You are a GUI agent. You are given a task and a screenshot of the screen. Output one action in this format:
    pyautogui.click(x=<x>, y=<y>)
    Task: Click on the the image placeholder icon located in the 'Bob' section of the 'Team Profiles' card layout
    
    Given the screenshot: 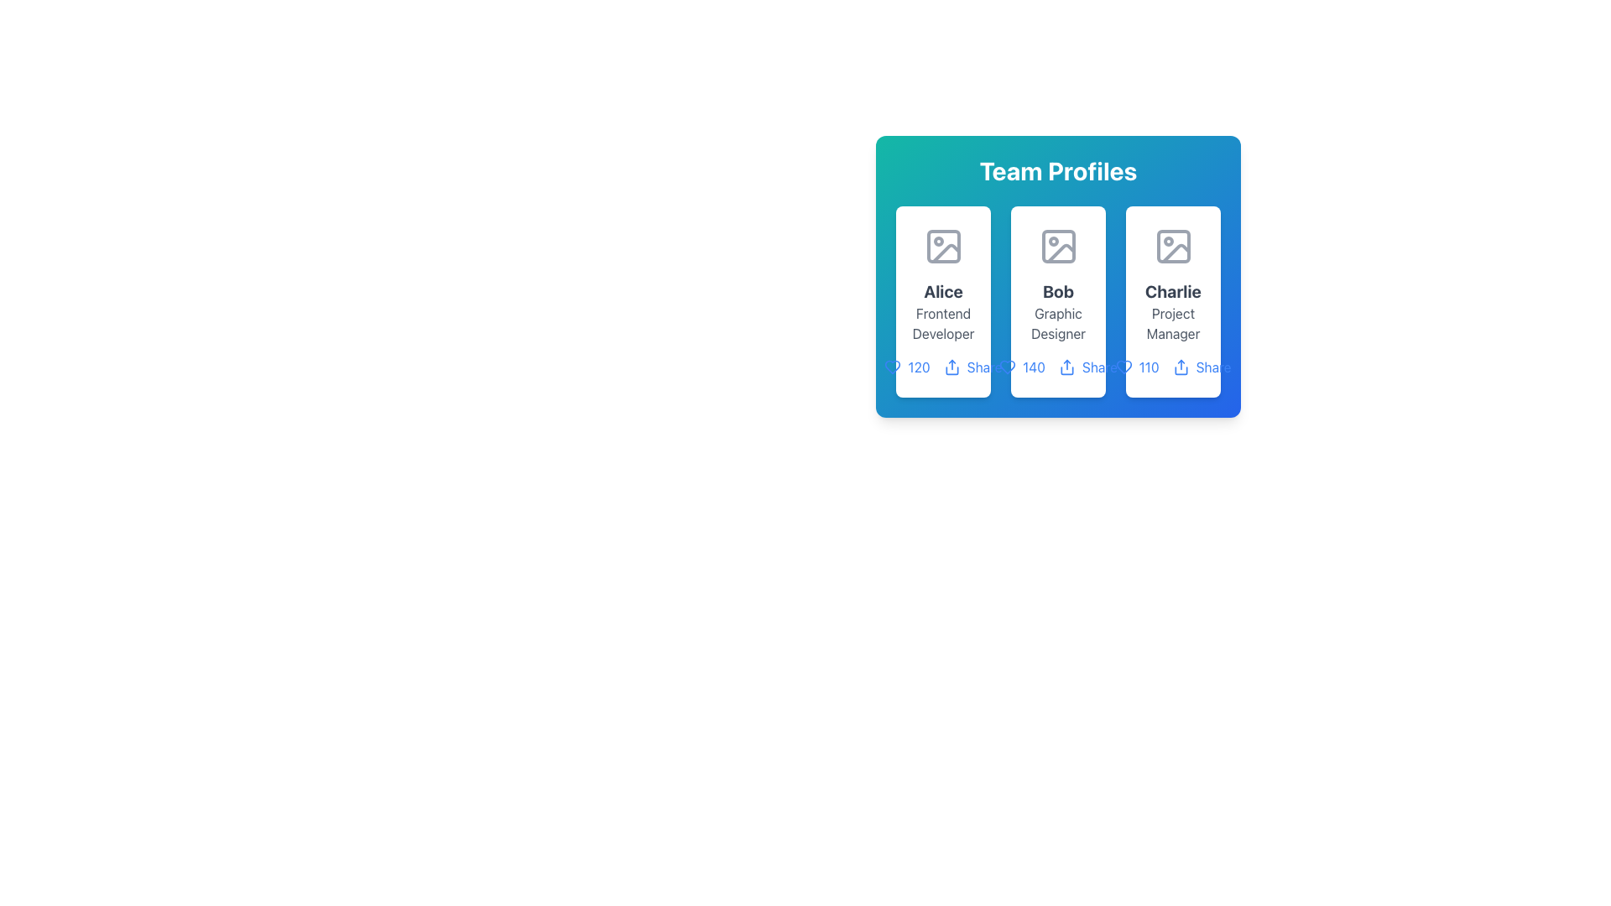 What is the action you would take?
    pyautogui.click(x=1060, y=253)
    